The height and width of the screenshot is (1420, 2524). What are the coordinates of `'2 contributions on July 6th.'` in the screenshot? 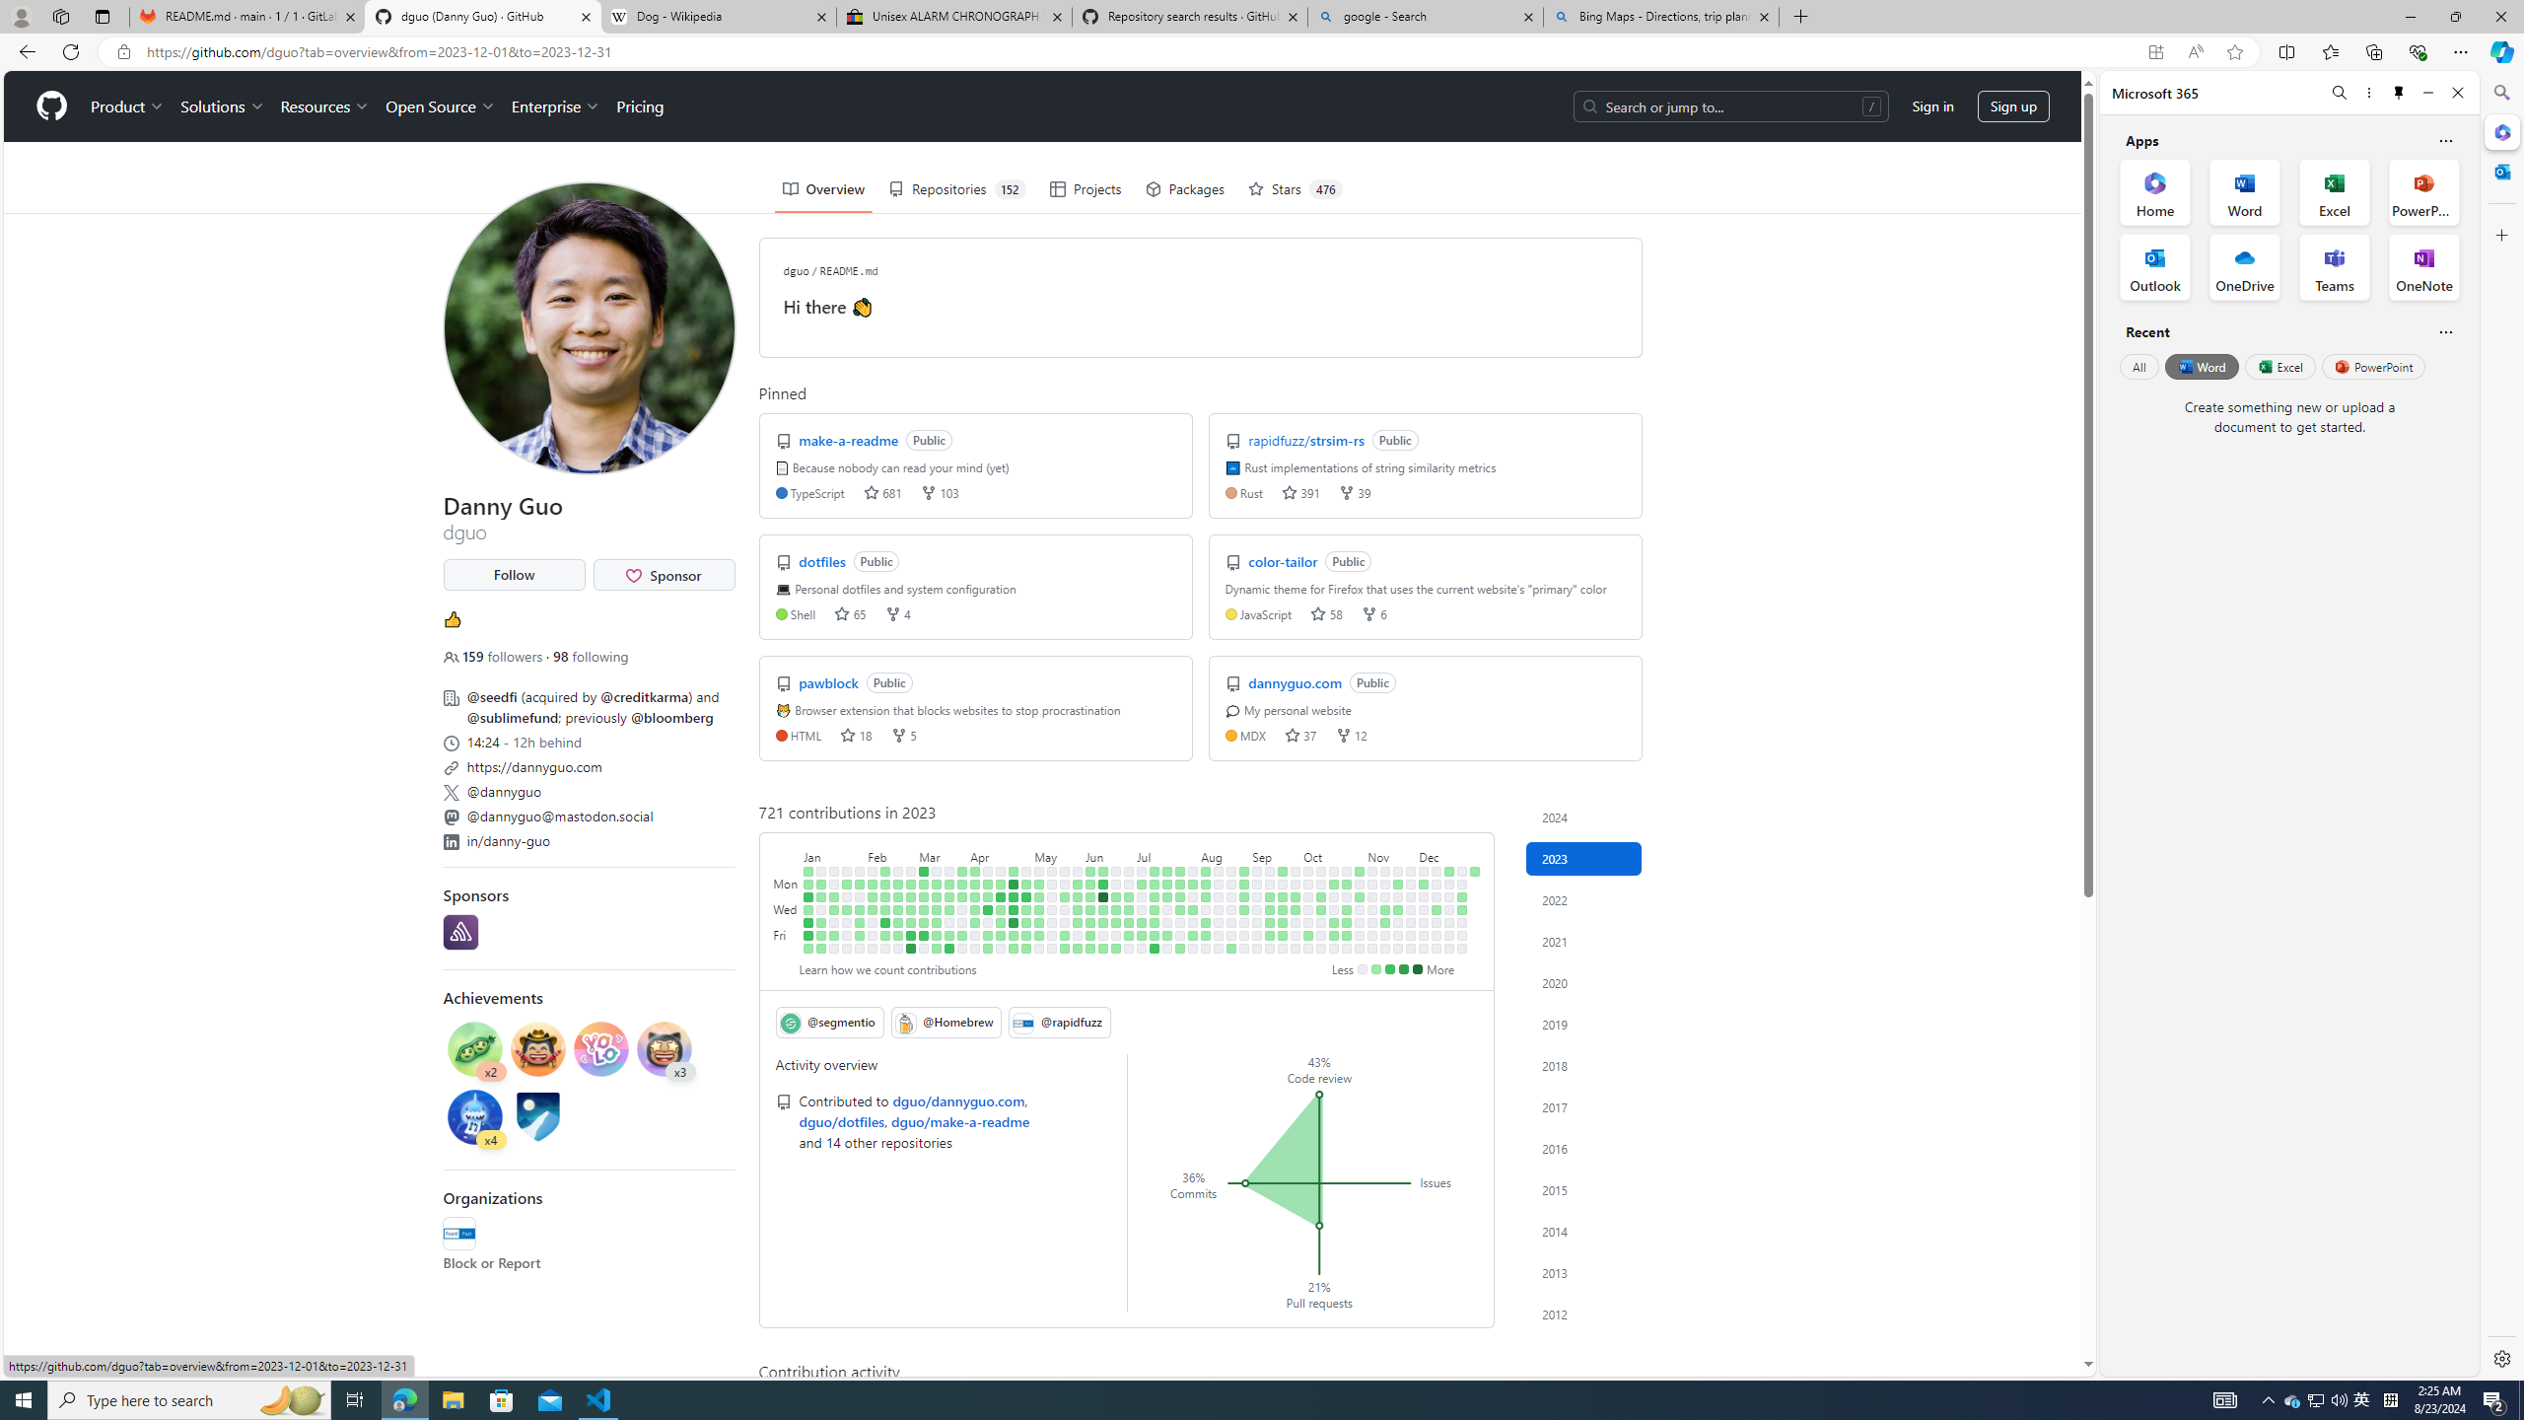 It's located at (1141, 921).